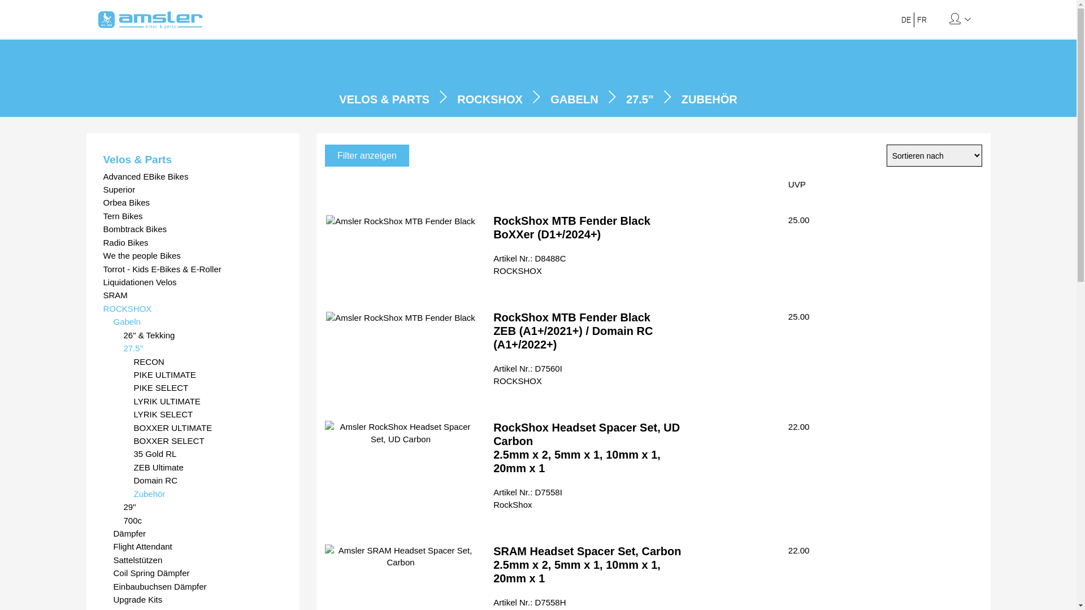 The height and width of the screenshot is (610, 1085). What do you see at coordinates (640, 99) in the screenshot?
I see `'27.5"'` at bounding box center [640, 99].